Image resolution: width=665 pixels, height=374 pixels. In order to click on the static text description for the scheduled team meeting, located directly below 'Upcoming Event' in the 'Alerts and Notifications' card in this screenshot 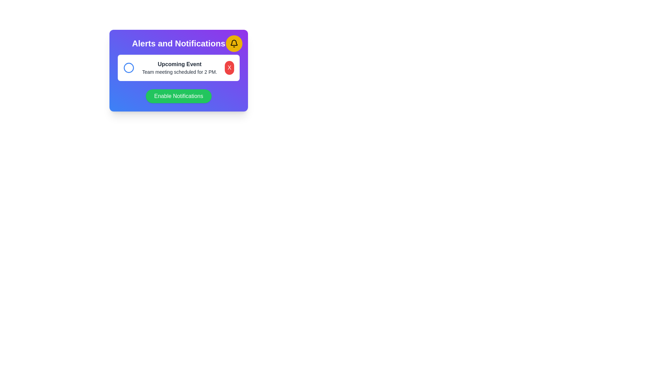, I will do `click(179, 72)`.